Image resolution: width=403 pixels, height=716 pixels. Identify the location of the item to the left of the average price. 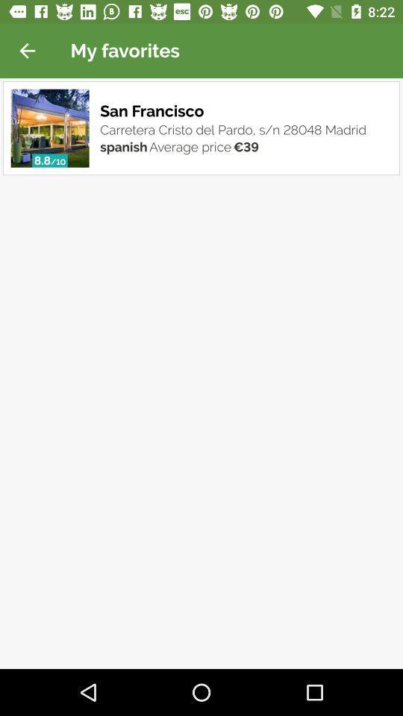
(122, 145).